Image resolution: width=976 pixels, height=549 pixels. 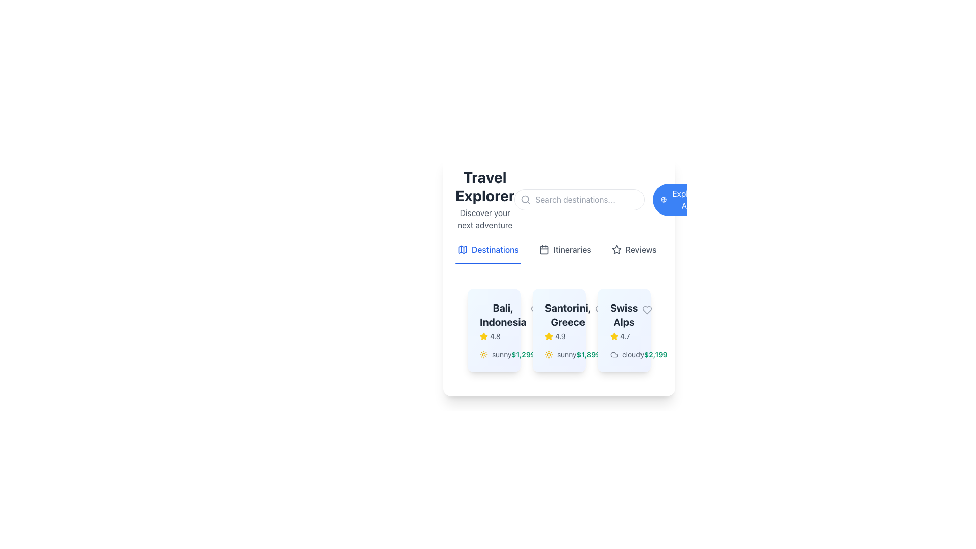 I want to click on the heart-shaped icon with a hollow center and gray outline located in the top-right corner of the 'Swiss Alps' card, so click(x=647, y=309).